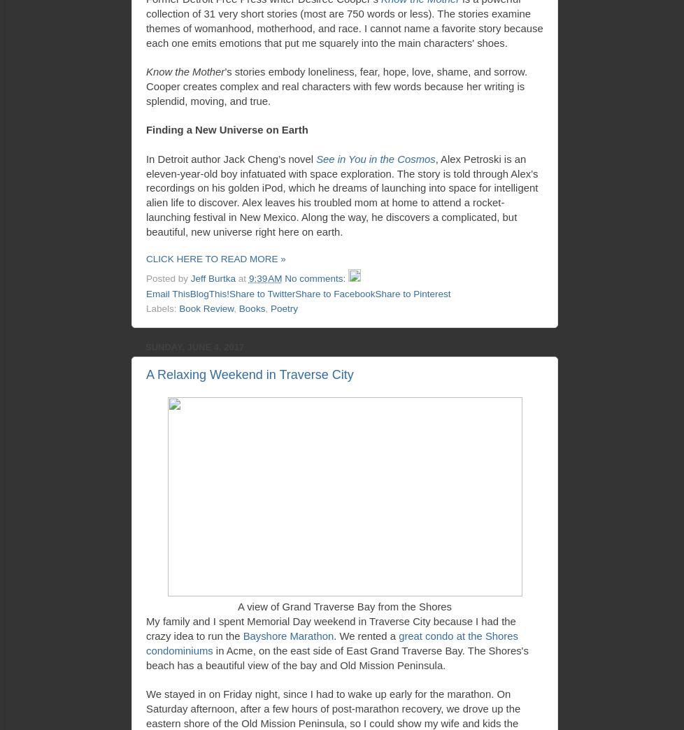  Describe the element at coordinates (242, 278) in the screenshot. I see `'at'` at that location.